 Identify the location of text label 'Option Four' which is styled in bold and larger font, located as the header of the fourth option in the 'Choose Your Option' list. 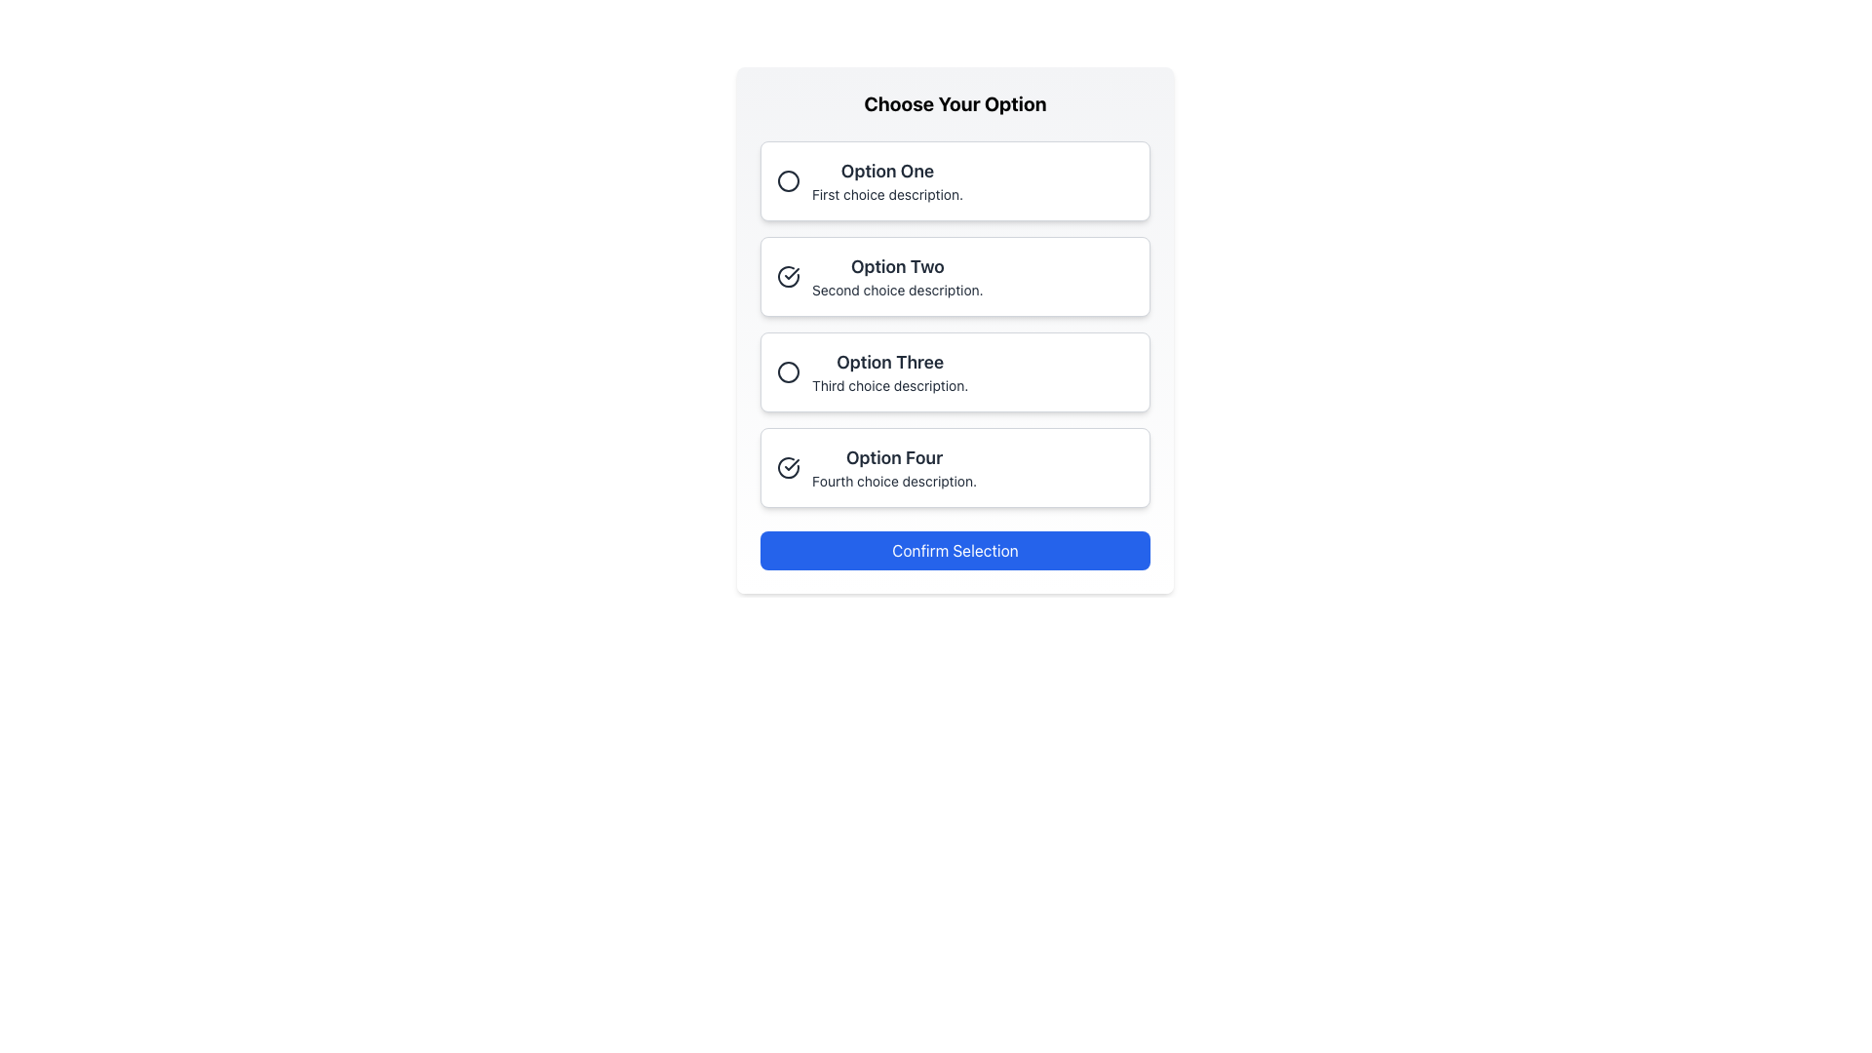
(893, 458).